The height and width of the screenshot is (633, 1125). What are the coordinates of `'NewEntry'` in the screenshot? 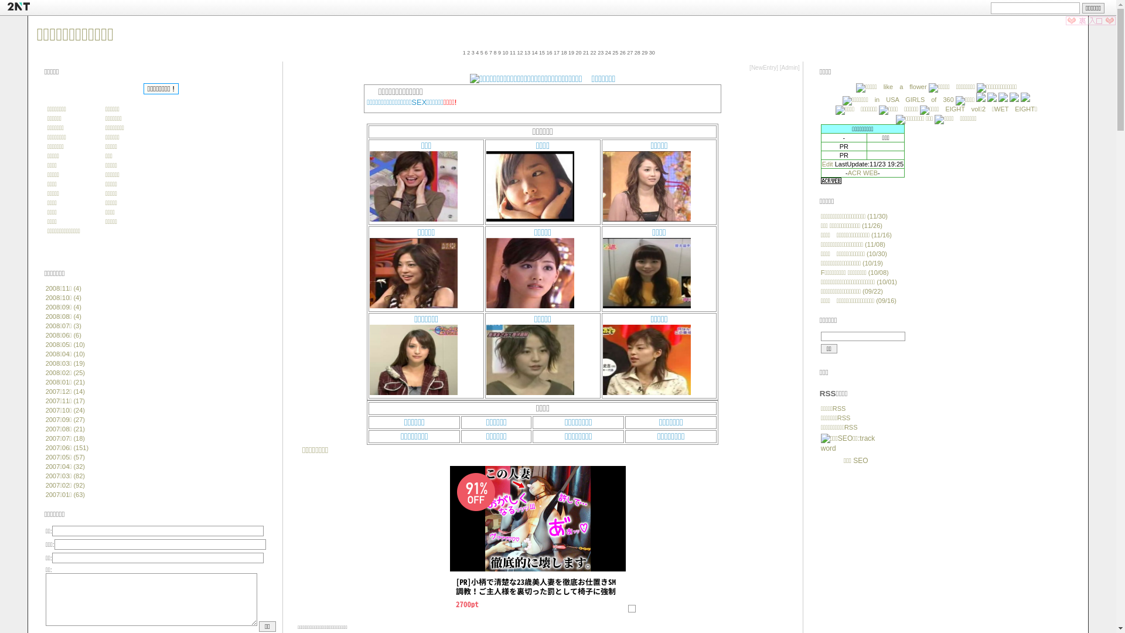 It's located at (763, 67).